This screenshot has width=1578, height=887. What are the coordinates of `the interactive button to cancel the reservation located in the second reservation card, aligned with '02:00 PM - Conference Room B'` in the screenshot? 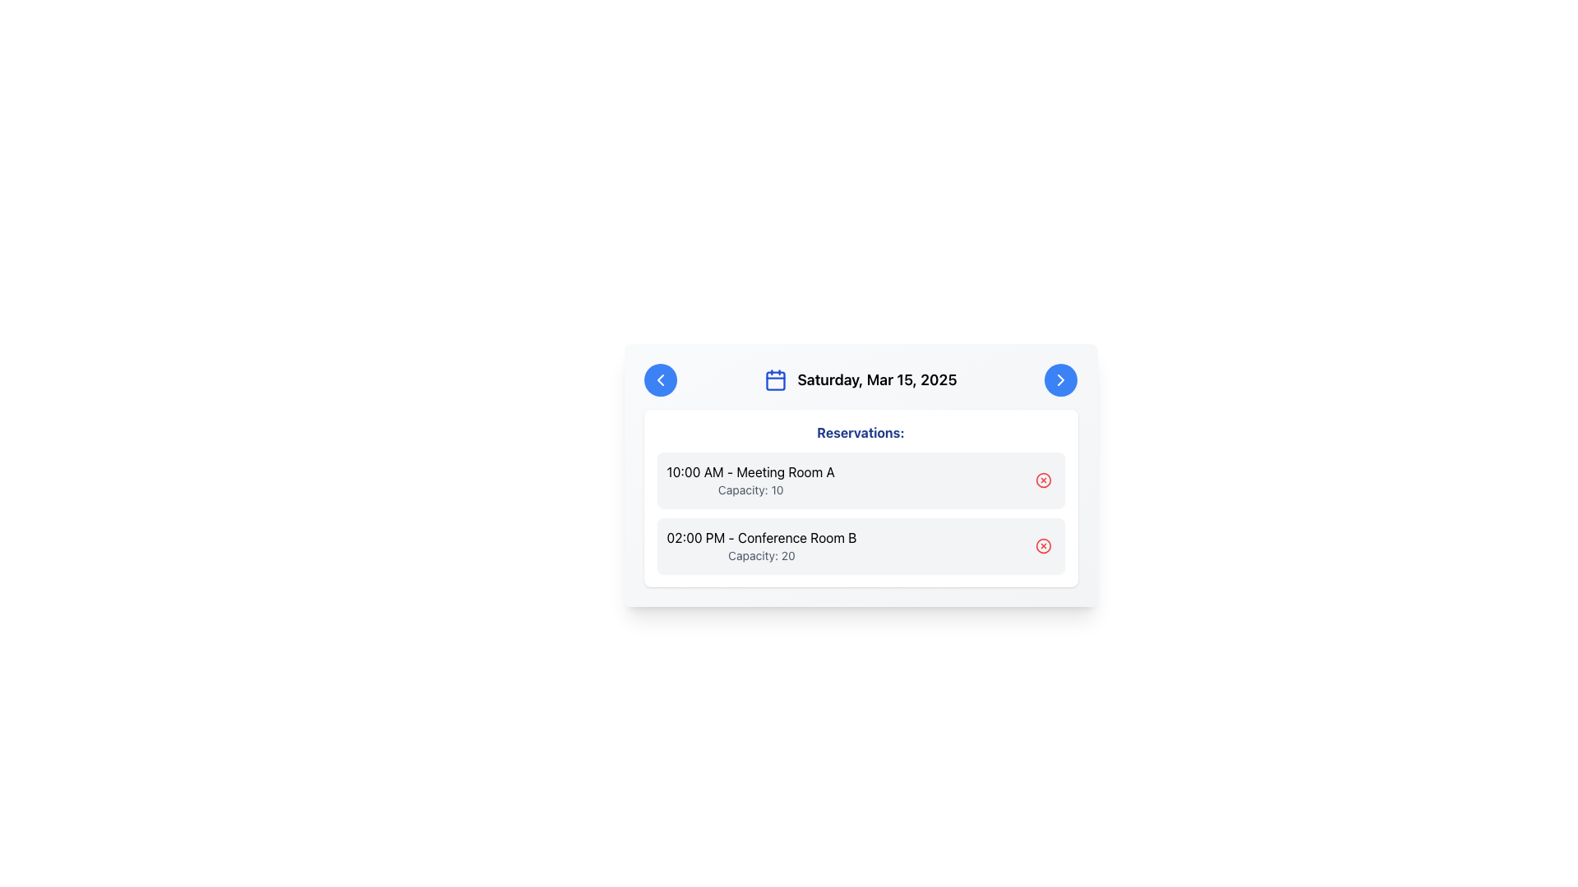 It's located at (1042, 545).